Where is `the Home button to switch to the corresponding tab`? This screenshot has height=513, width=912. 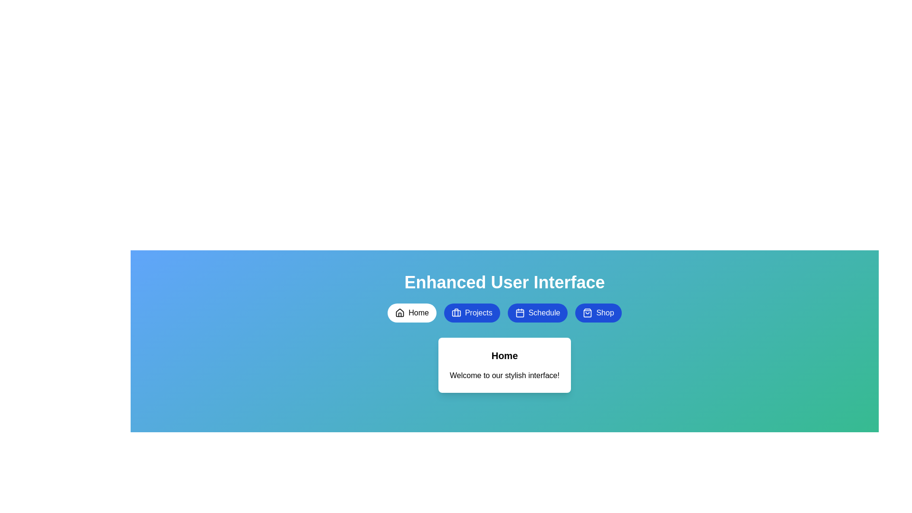 the Home button to switch to the corresponding tab is located at coordinates (412, 313).